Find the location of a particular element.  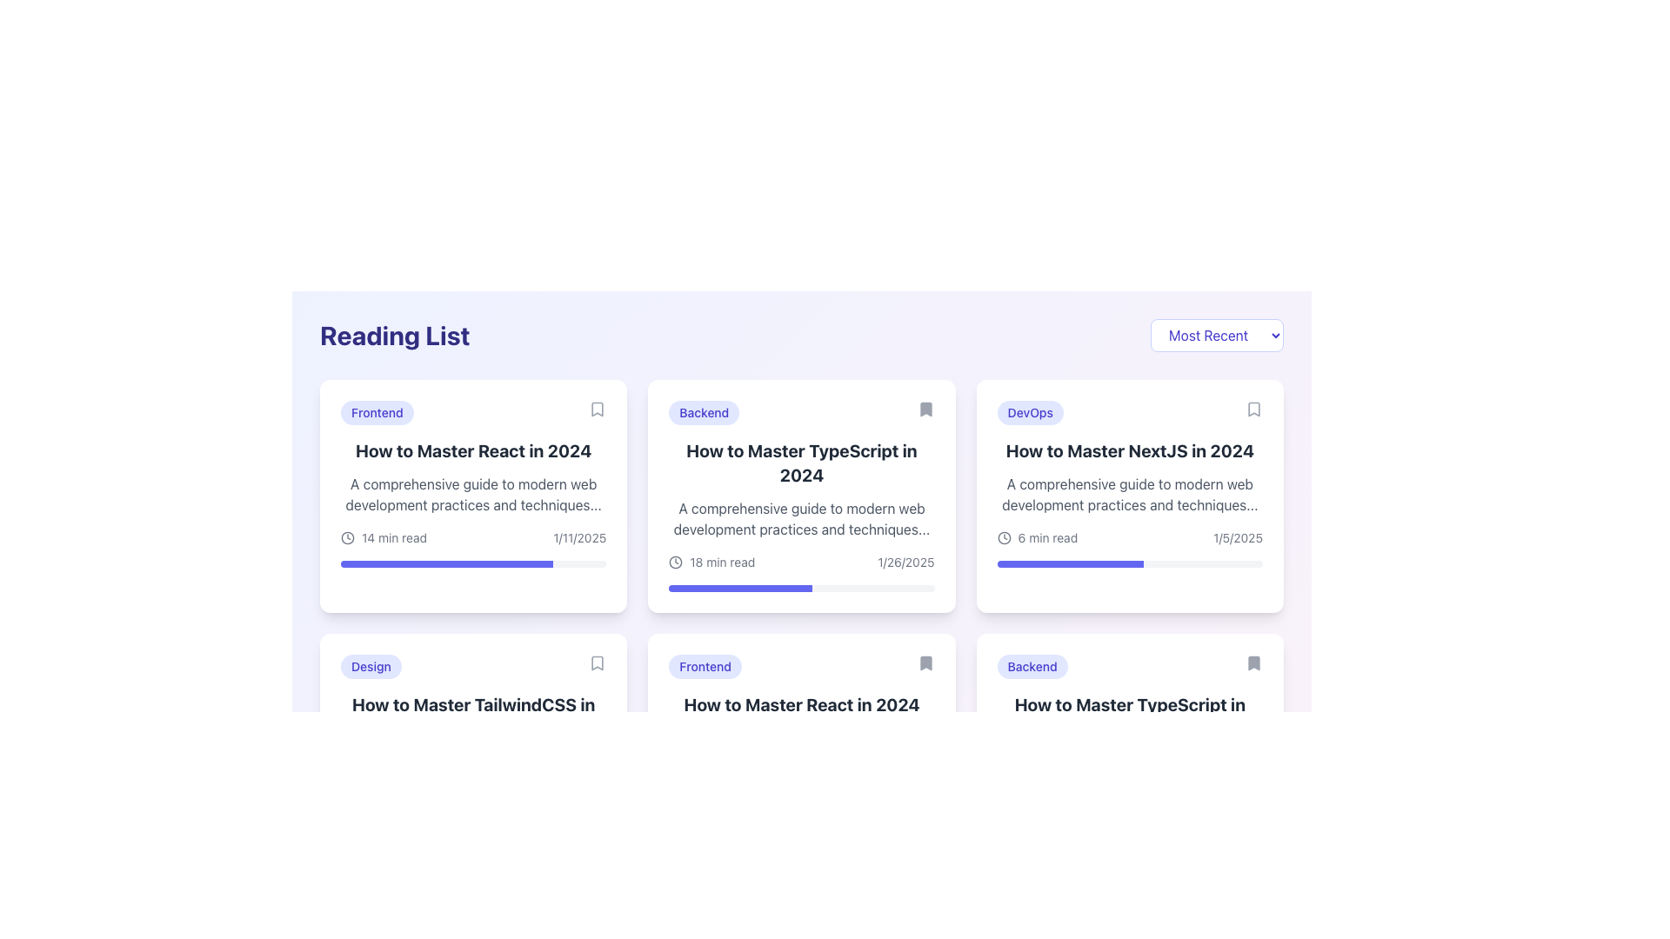

the outer boundary circle of the clock icon representation, which is the largest circular feature among its siblings is located at coordinates (347, 536).